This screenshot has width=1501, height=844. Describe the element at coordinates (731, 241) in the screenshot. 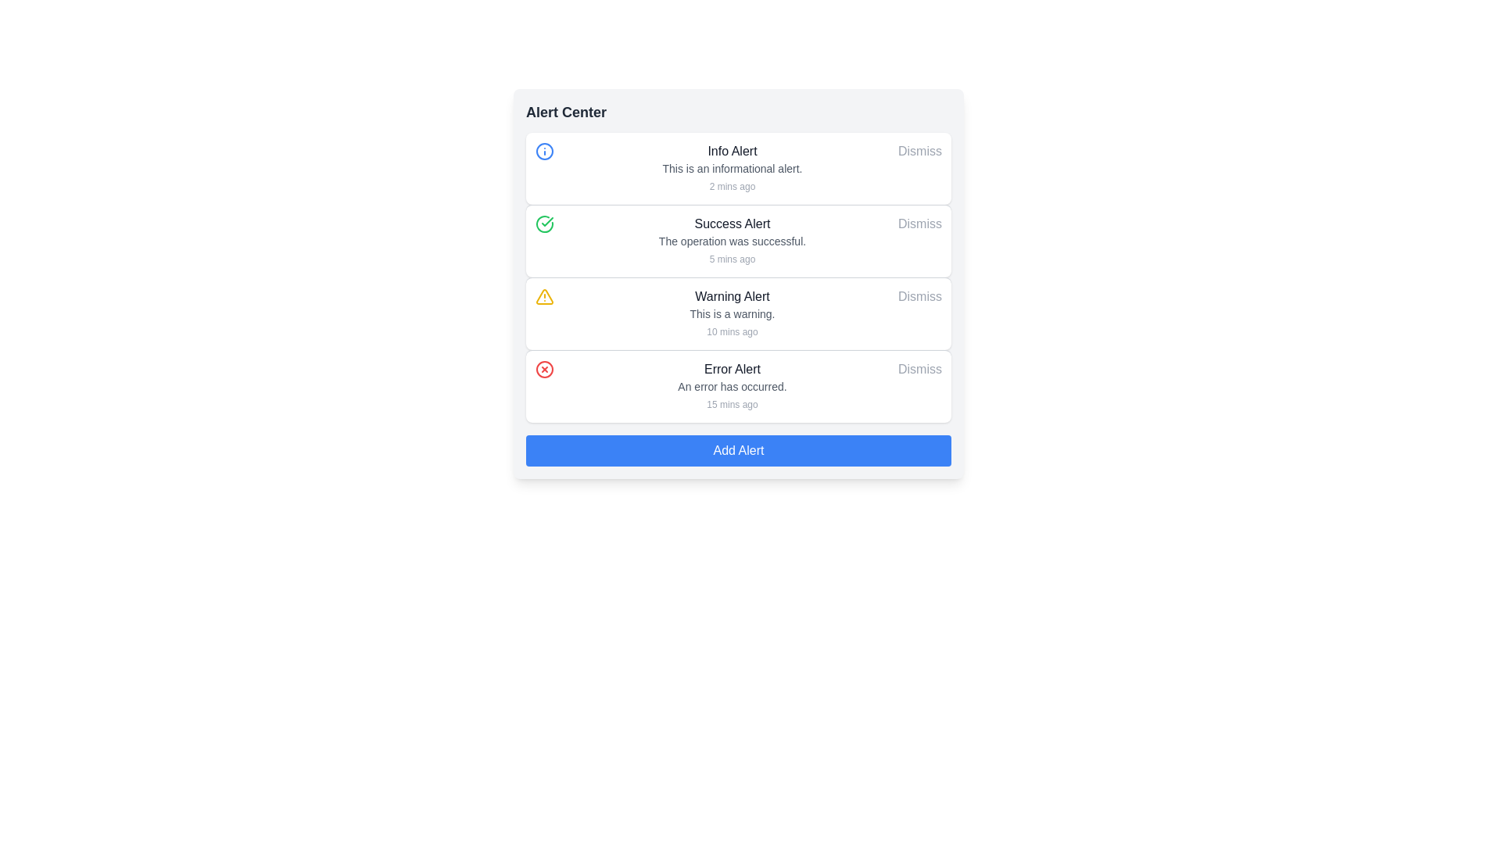

I see `text element displaying 'The operation was successful.' located in the notification panel under the 'Success Alert' section` at that location.